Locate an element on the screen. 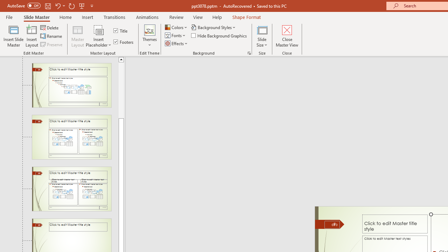  'Slide Master' is located at coordinates (36, 17).